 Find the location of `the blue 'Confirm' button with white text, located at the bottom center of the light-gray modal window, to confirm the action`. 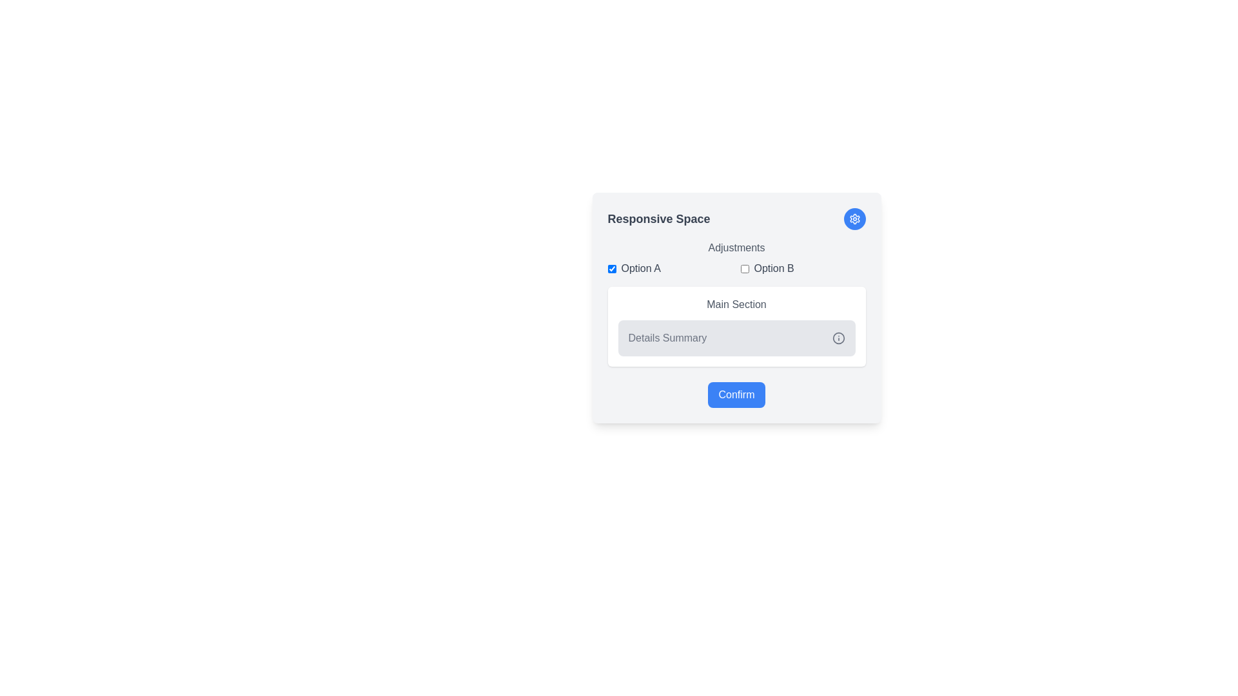

the blue 'Confirm' button with white text, located at the bottom center of the light-gray modal window, to confirm the action is located at coordinates (736, 394).